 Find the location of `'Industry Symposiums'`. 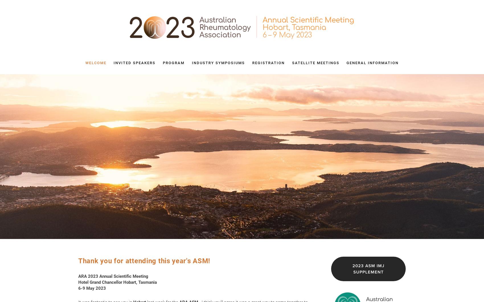

'Industry Symposiums' is located at coordinates (218, 63).